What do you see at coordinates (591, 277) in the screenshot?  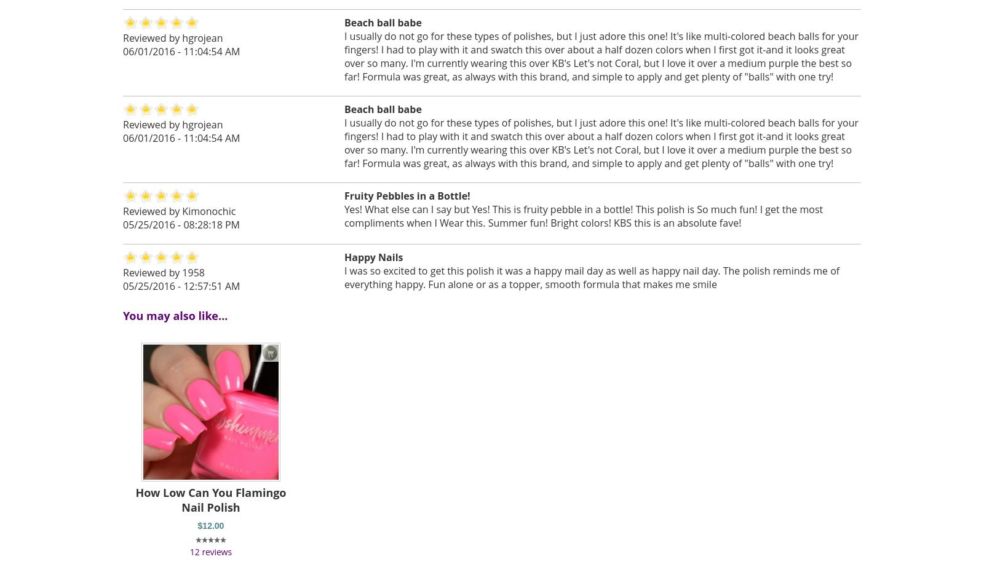 I see `'I was so excited to get this polish it was a happy mail day as well as happy nail day. The polish reminds me of everything happy. Fun alone or as a topper, smooth formula that makes me smile'` at bounding box center [591, 277].